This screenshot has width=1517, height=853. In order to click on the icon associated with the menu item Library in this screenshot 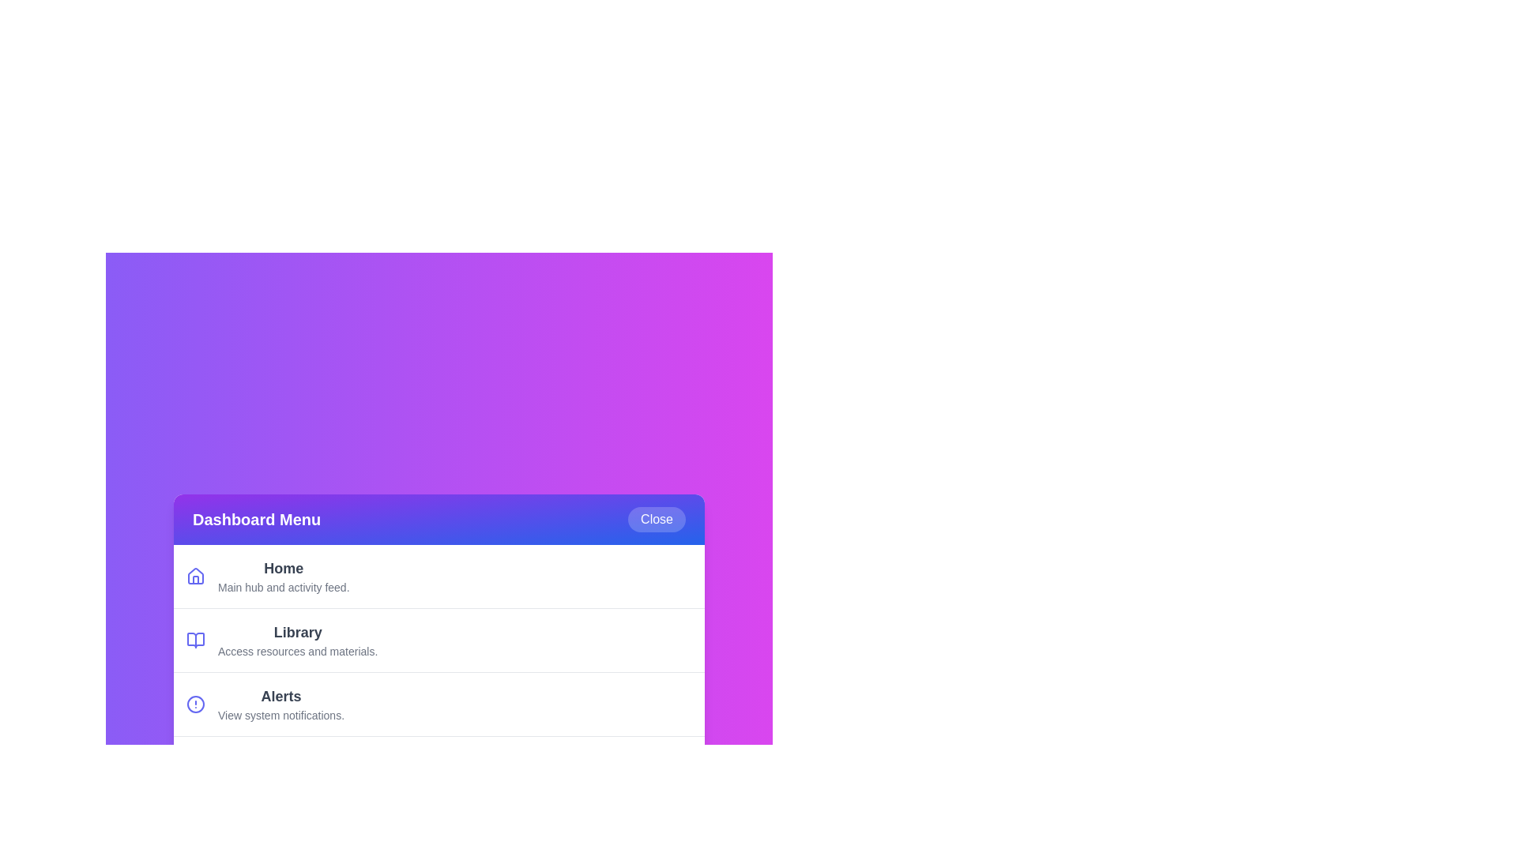, I will do `click(195, 640)`.